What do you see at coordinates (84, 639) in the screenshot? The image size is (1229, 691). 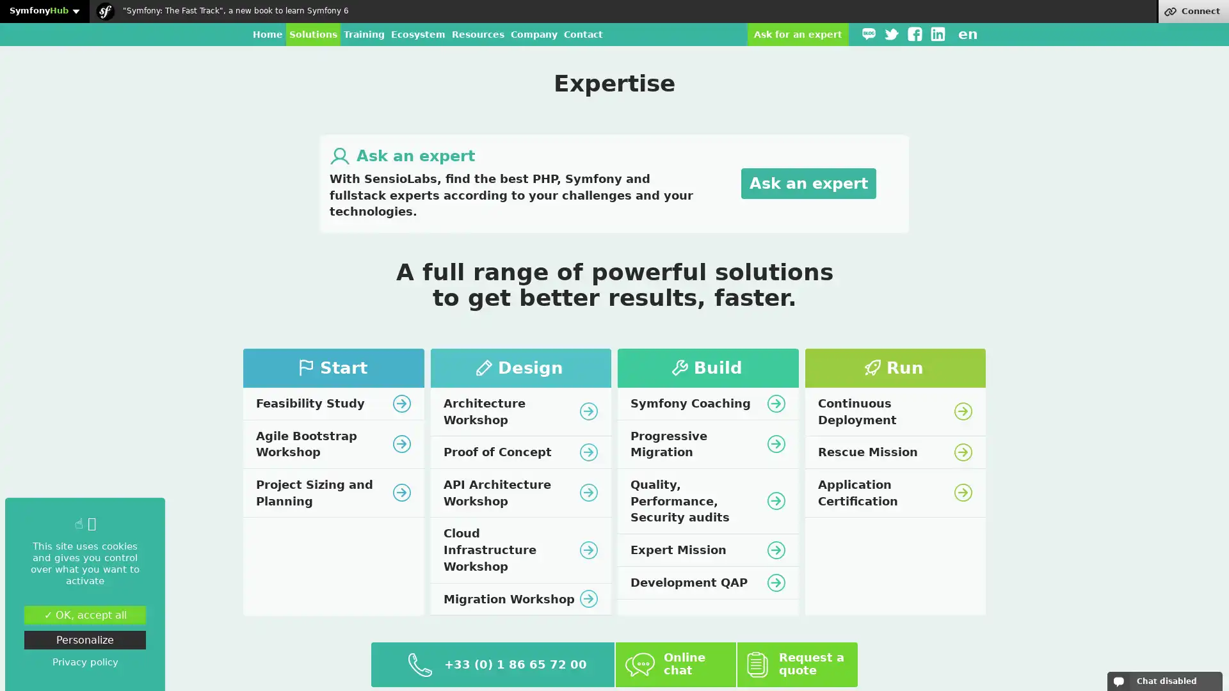 I see `Personalize` at bounding box center [84, 639].